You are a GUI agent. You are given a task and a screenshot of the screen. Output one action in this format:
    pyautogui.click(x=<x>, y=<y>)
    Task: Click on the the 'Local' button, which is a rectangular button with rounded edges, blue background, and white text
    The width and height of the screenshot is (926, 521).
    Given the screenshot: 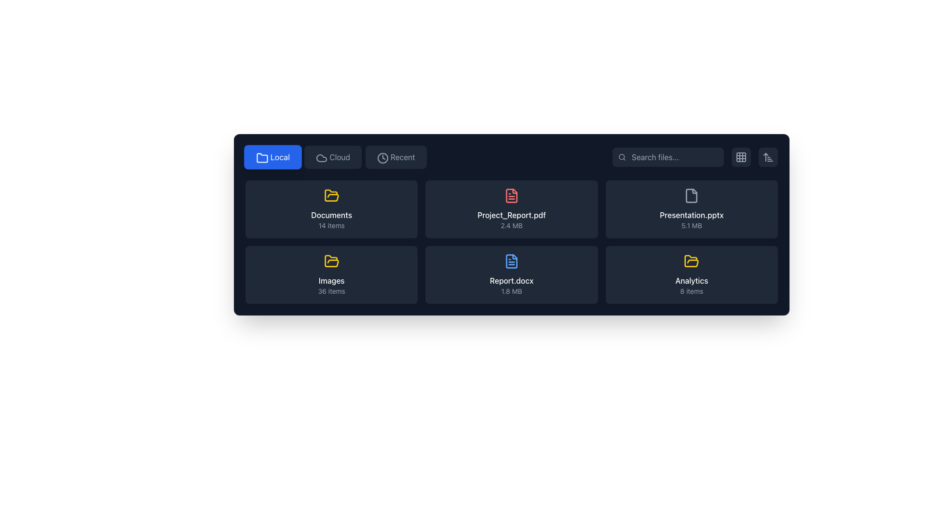 What is the action you would take?
    pyautogui.click(x=272, y=157)
    